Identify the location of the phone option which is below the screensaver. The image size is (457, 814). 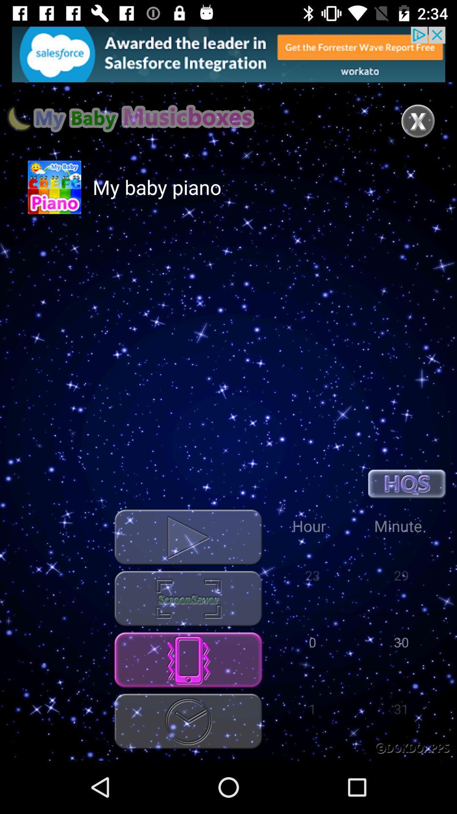
(188, 660).